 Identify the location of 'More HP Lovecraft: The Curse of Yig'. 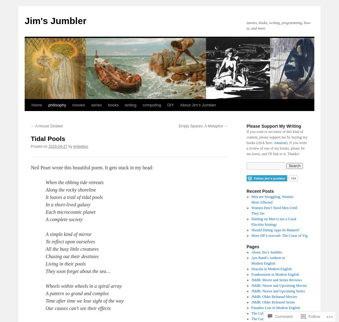
(279, 235).